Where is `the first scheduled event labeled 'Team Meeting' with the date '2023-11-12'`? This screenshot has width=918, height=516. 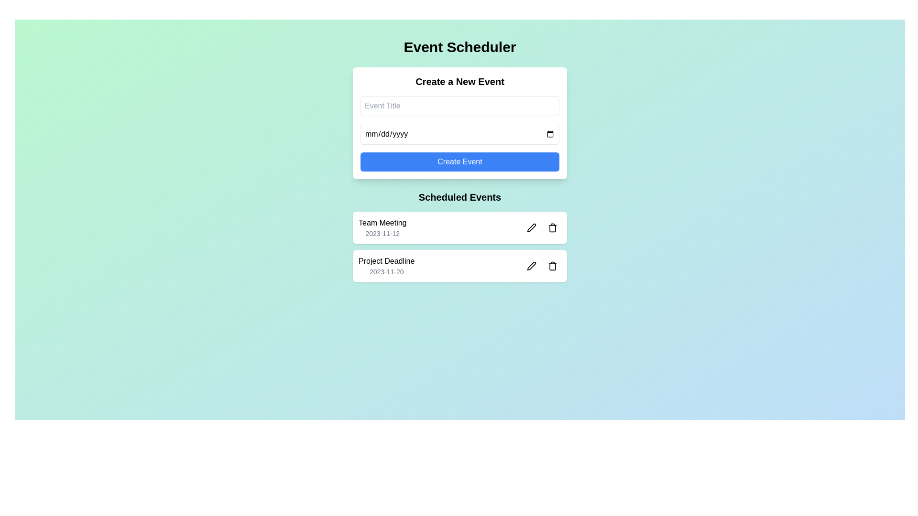
the first scheduled event labeled 'Team Meeting' with the date '2023-11-12' is located at coordinates (459, 228).